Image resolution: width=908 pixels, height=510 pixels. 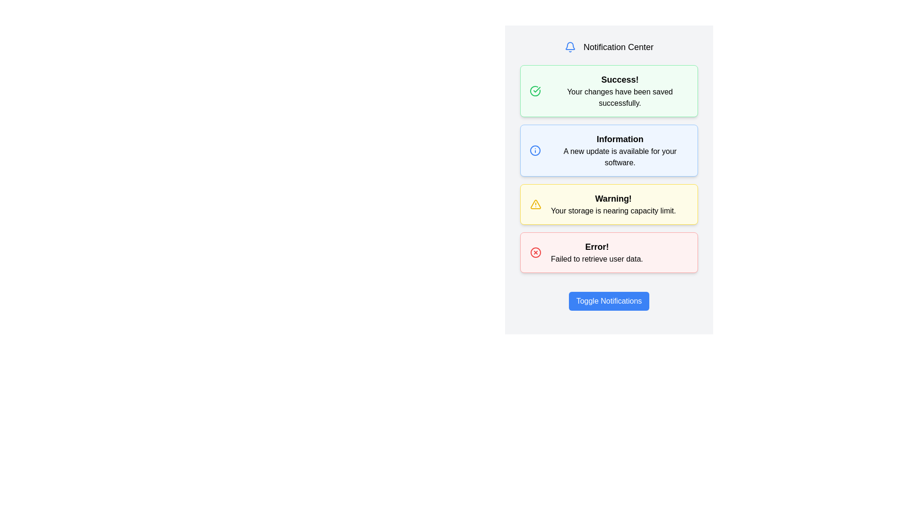 What do you see at coordinates (609, 301) in the screenshot?
I see `the rectangular button with a blue background and the text 'Toggle Notifications'` at bounding box center [609, 301].